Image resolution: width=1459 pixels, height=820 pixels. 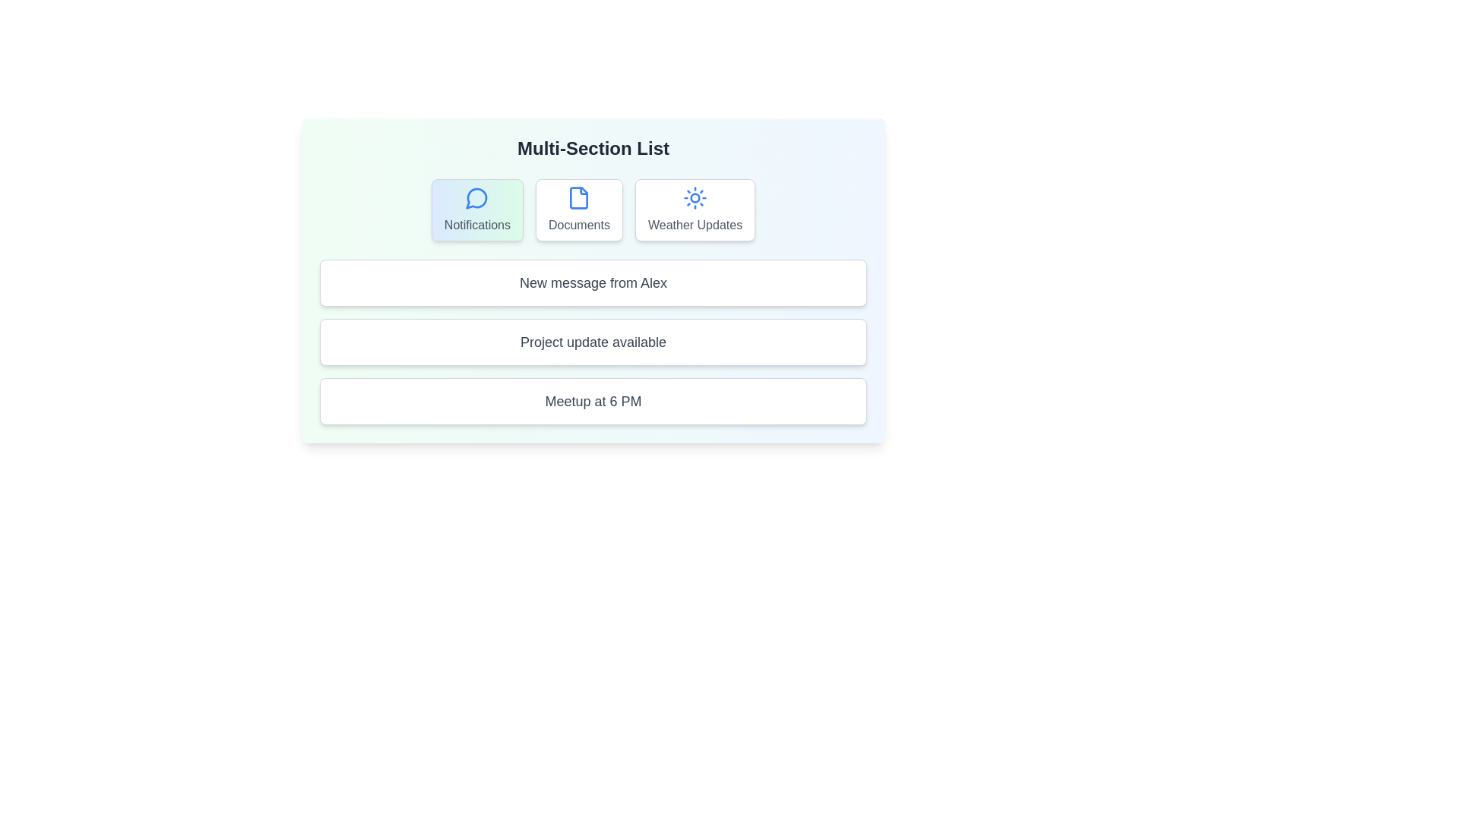 What do you see at coordinates (593, 342) in the screenshot?
I see `the section or item labeled Project update available to observe its hover effect` at bounding box center [593, 342].